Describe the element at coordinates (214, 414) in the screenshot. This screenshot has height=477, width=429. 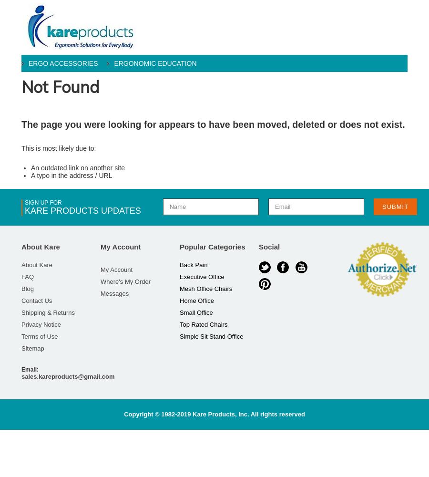
I see `'Copyright © 1982-2019 Kare Products, Inc. All rights reserved'` at that location.